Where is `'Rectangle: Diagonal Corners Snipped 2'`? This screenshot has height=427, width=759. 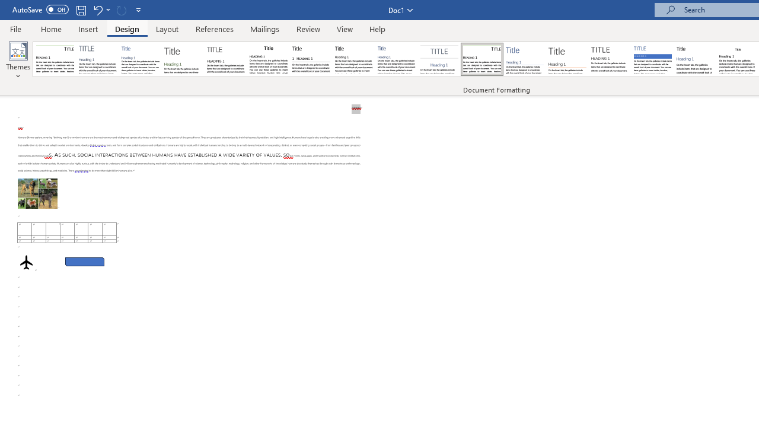 'Rectangle: Diagonal Corners Snipped 2' is located at coordinates (84, 261).